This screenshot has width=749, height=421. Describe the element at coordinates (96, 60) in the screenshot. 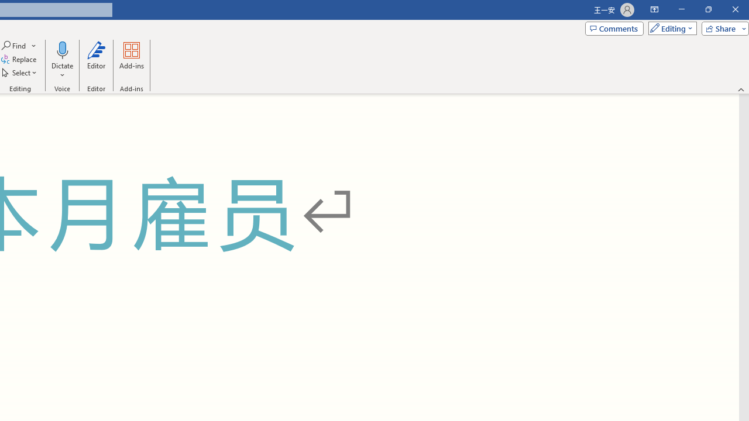

I see `'Editor'` at that location.